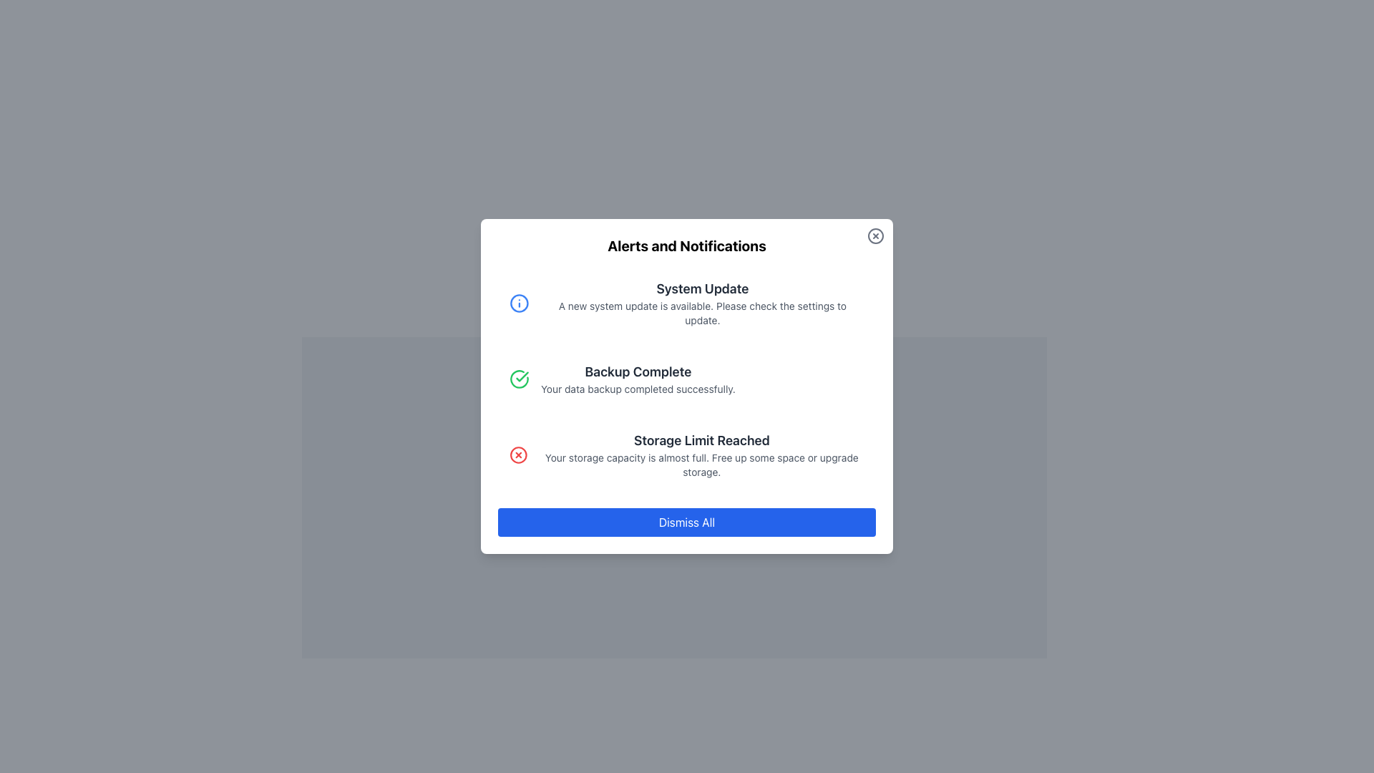  I want to click on the circular outline within the close icon located in the upper-right corner of the modal near the 'Alerts and Notifications' heading, so click(875, 235).